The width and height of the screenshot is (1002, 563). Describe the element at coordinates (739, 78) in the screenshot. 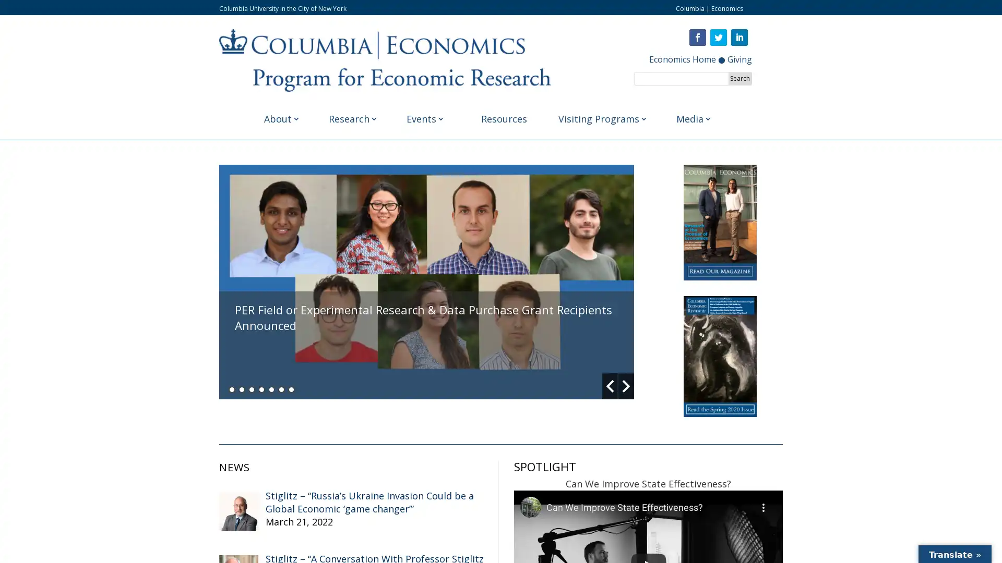

I see `Search` at that location.